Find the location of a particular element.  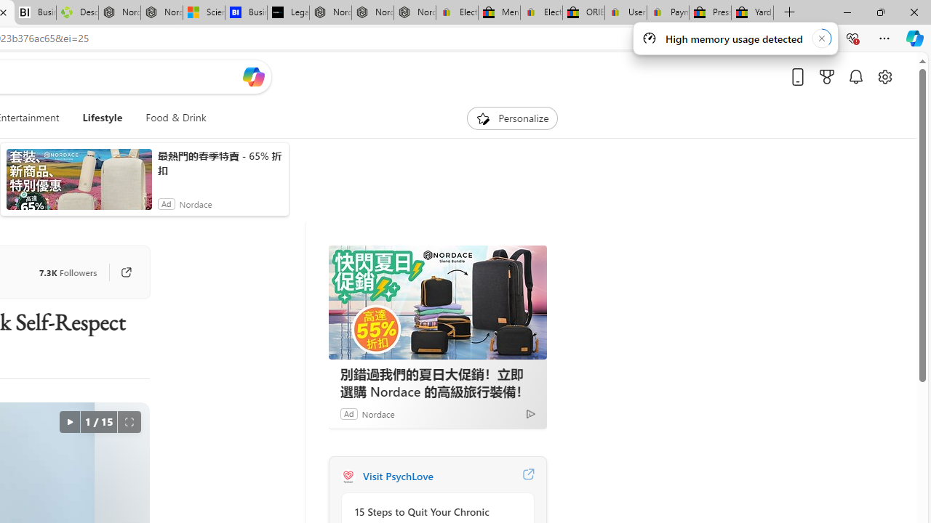

'Open settings' is located at coordinates (884, 76).